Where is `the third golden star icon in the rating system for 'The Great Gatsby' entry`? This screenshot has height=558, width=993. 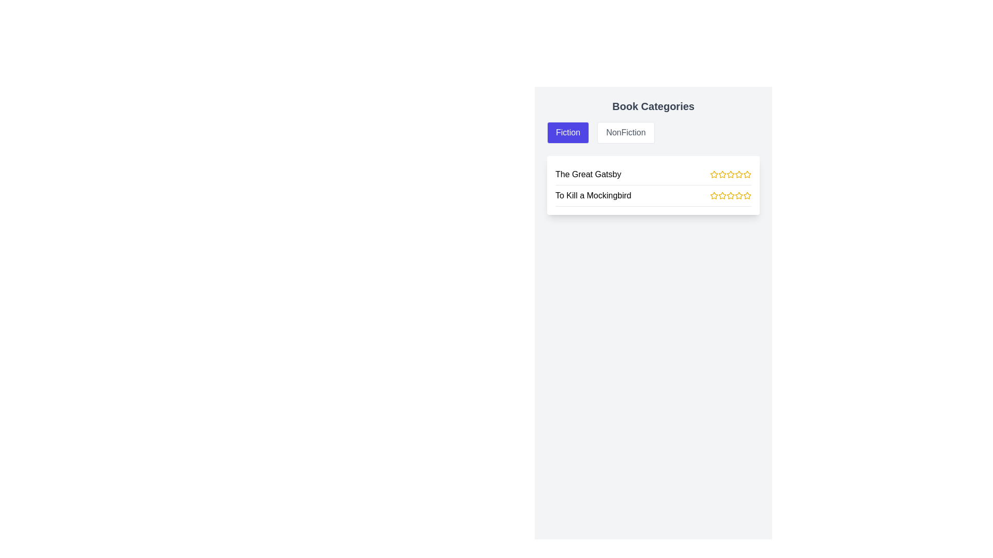
the third golden star icon in the rating system for 'The Great Gatsby' entry is located at coordinates (721, 174).